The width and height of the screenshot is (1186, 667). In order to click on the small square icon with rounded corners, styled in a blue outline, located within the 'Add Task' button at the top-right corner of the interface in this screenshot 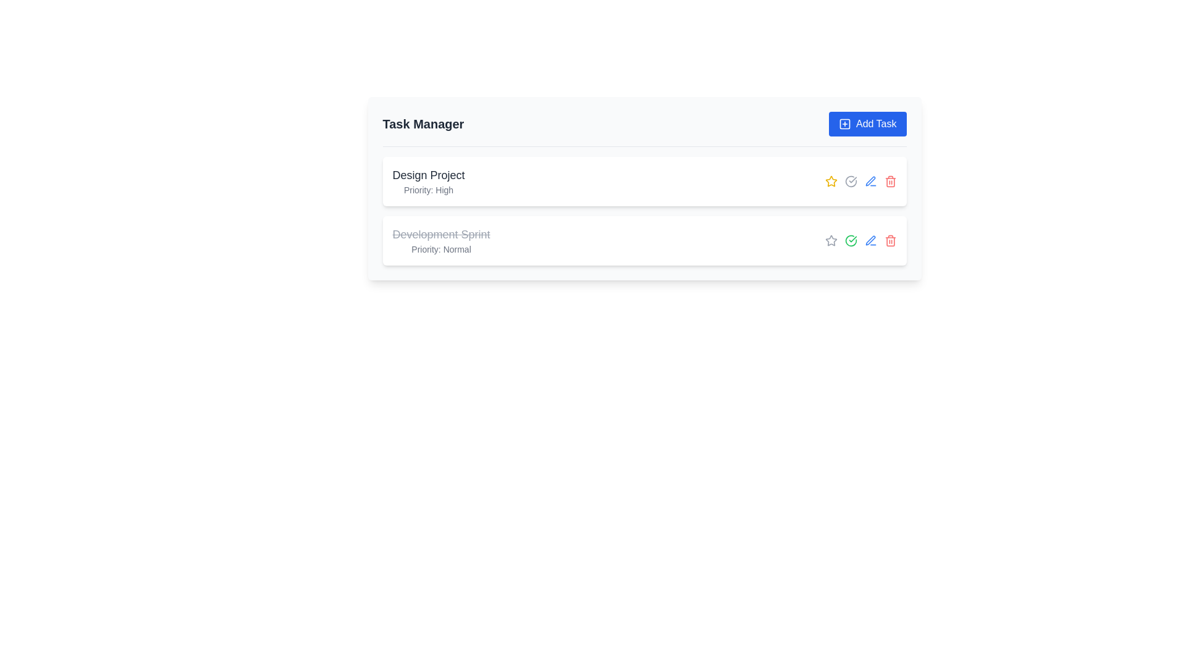, I will do `click(844, 124)`.